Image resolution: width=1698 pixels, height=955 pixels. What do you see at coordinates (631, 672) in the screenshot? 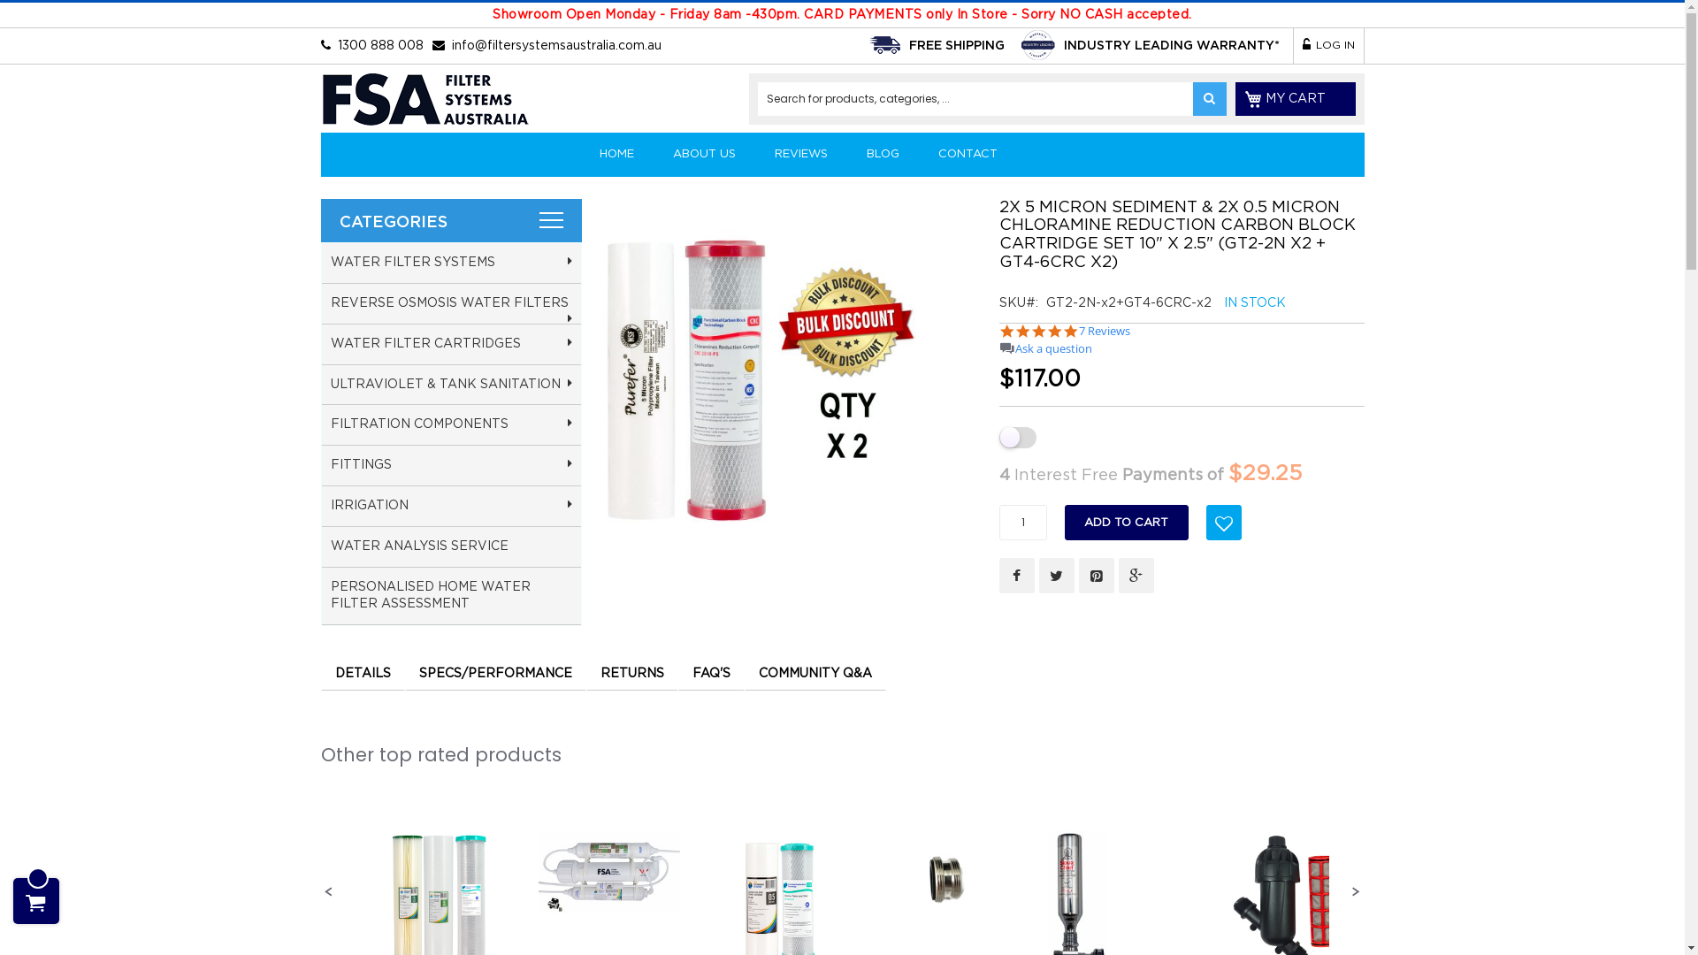
I see `'RETURNS'` at bounding box center [631, 672].